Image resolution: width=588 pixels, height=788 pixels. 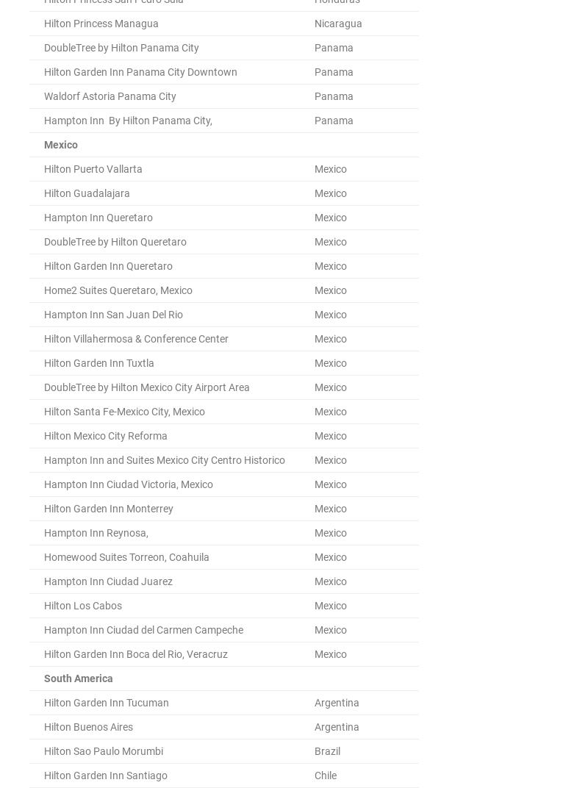 What do you see at coordinates (82, 605) in the screenshot?
I see `'Hilton Los Cabos'` at bounding box center [82, 605].